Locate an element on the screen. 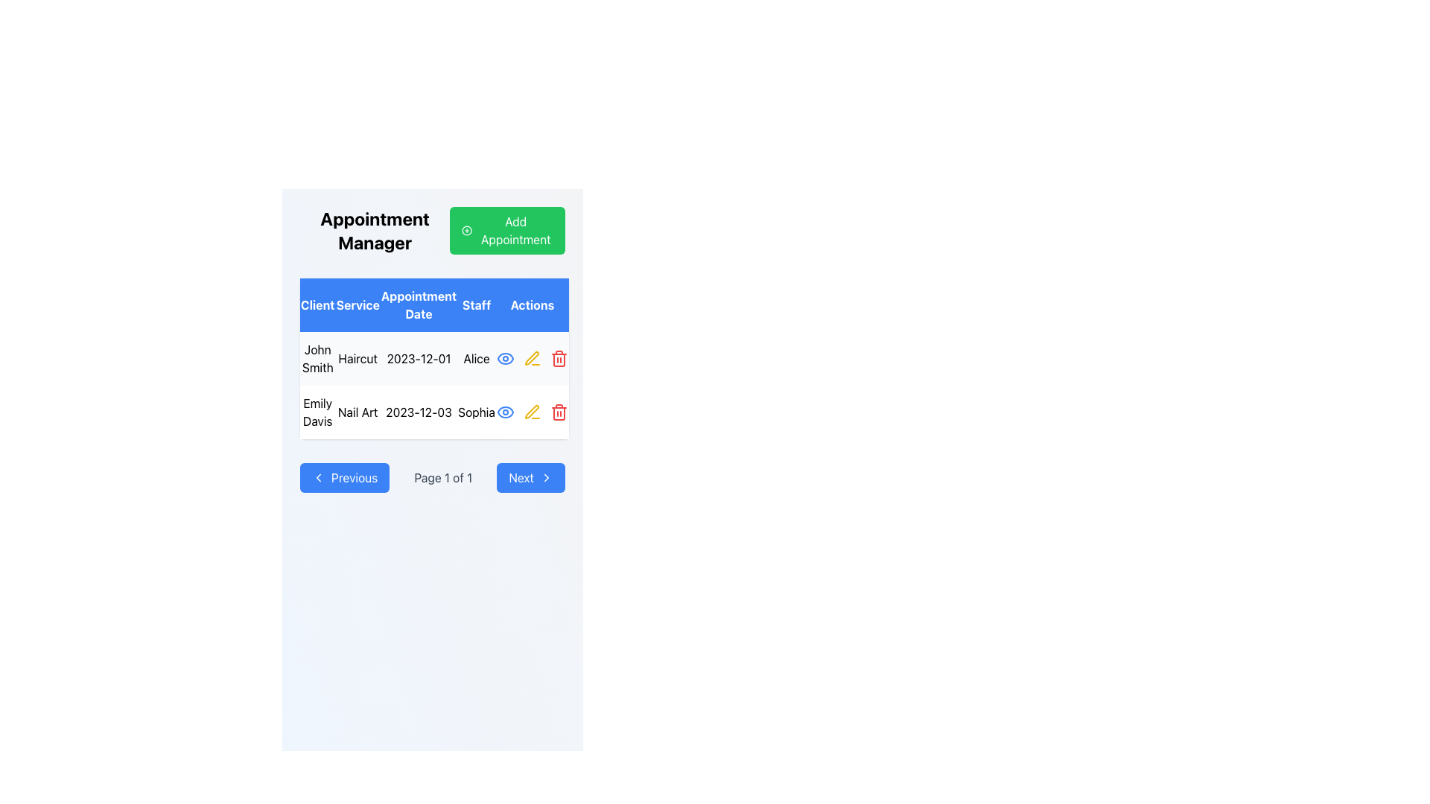 The height and width of the screenshot is (804, 1430). 'Service' column header text label, which is the second item in a horizontal row of five column headers on a blue background is located at coordinates (357, 304).